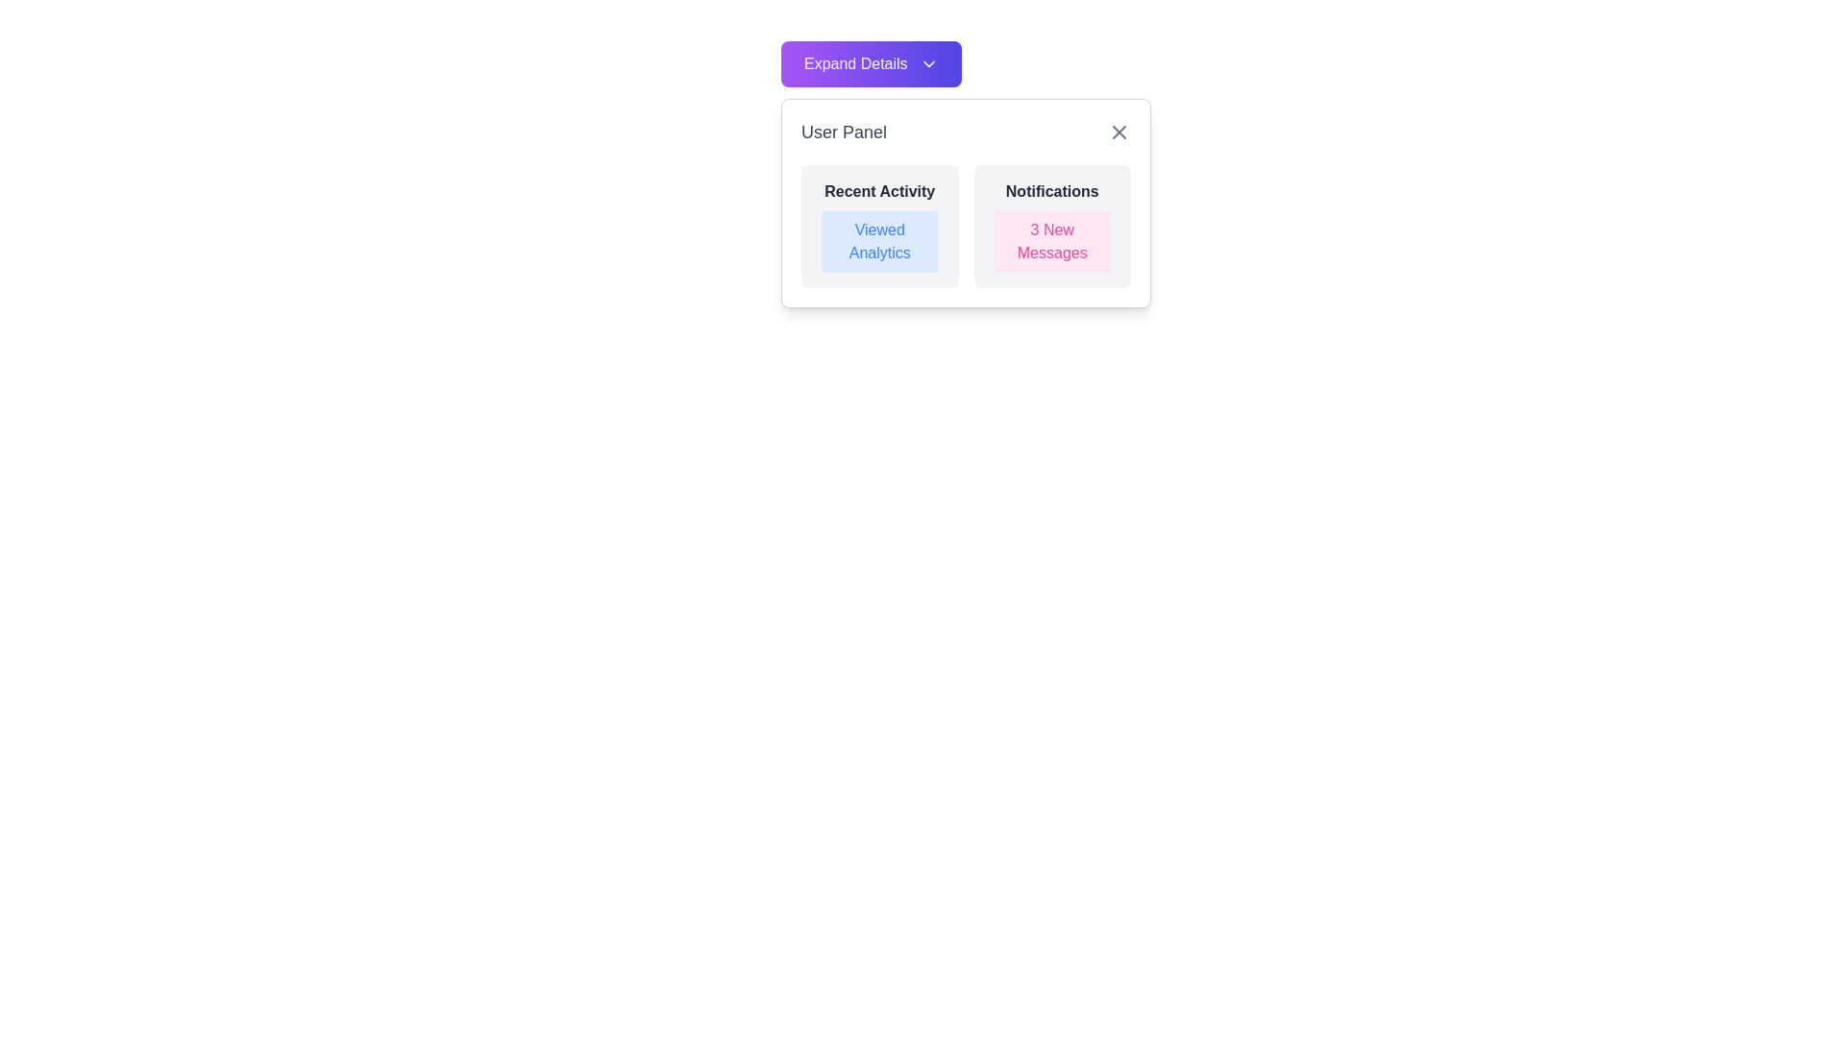  Describe the element at coordinates (878, 225) in the screenshot. I see `the Informational Widget, which features a light gray background, rounded corners, and contains the title 'Recent Activity' and the text 'Viewed Analytics'` at that location.